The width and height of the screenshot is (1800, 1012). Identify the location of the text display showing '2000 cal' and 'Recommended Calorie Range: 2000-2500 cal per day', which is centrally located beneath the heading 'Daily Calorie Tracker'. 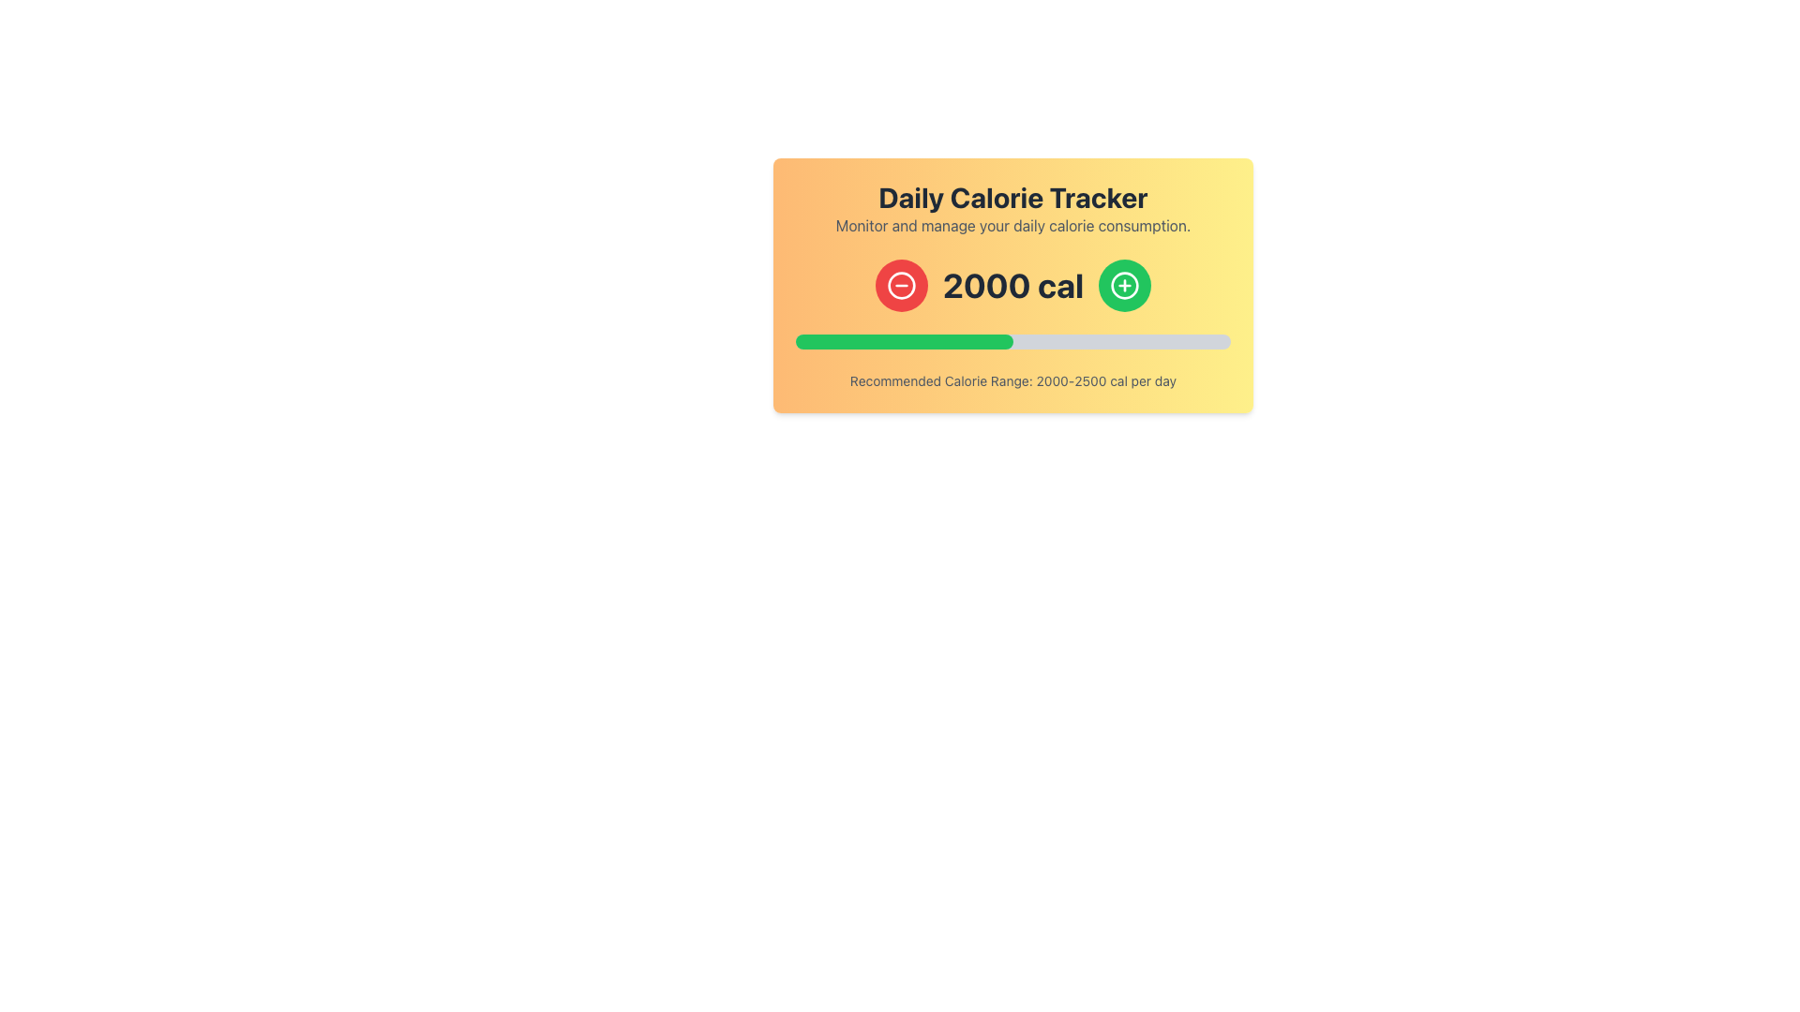
(1012, 324).